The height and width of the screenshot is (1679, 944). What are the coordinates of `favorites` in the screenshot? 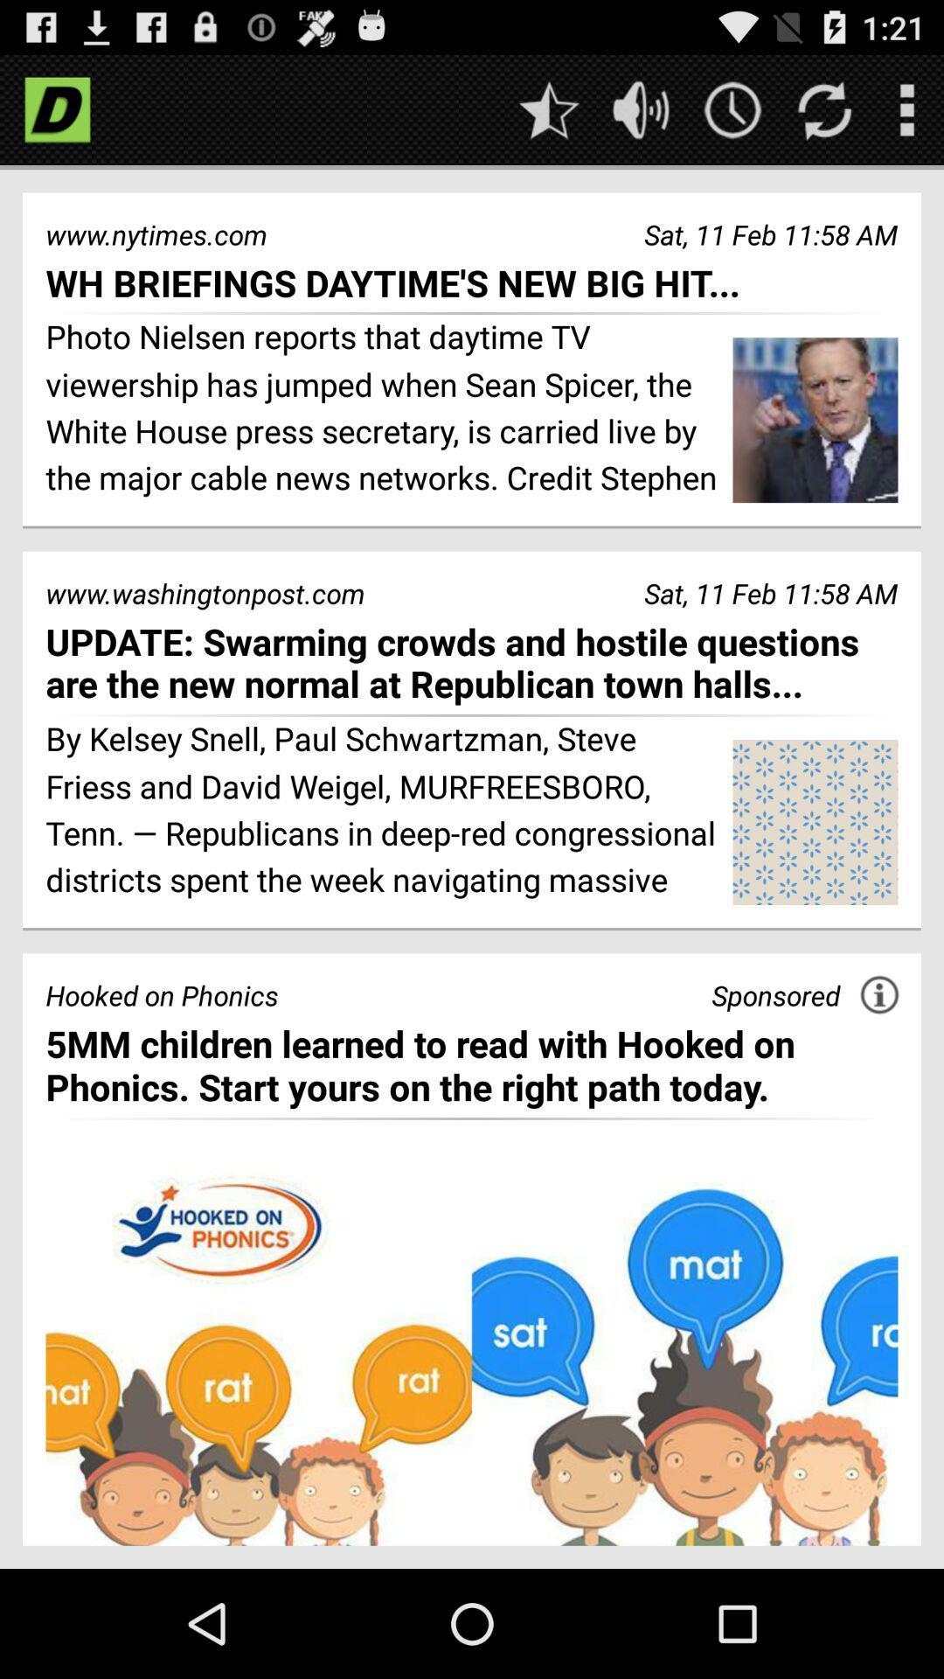 It's located at (548, 108).